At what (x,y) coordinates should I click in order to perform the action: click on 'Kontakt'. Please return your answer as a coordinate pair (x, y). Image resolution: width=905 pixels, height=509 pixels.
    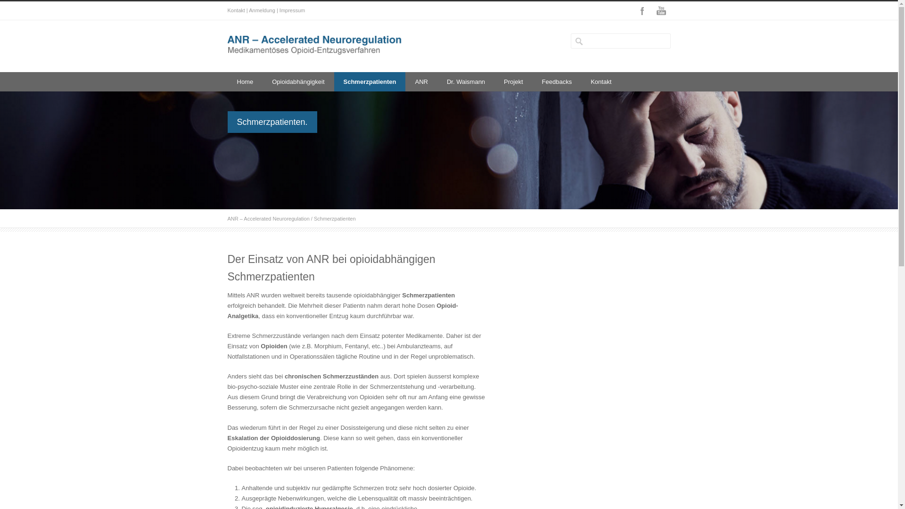
    Looking at the image, I should click on (581, 81).